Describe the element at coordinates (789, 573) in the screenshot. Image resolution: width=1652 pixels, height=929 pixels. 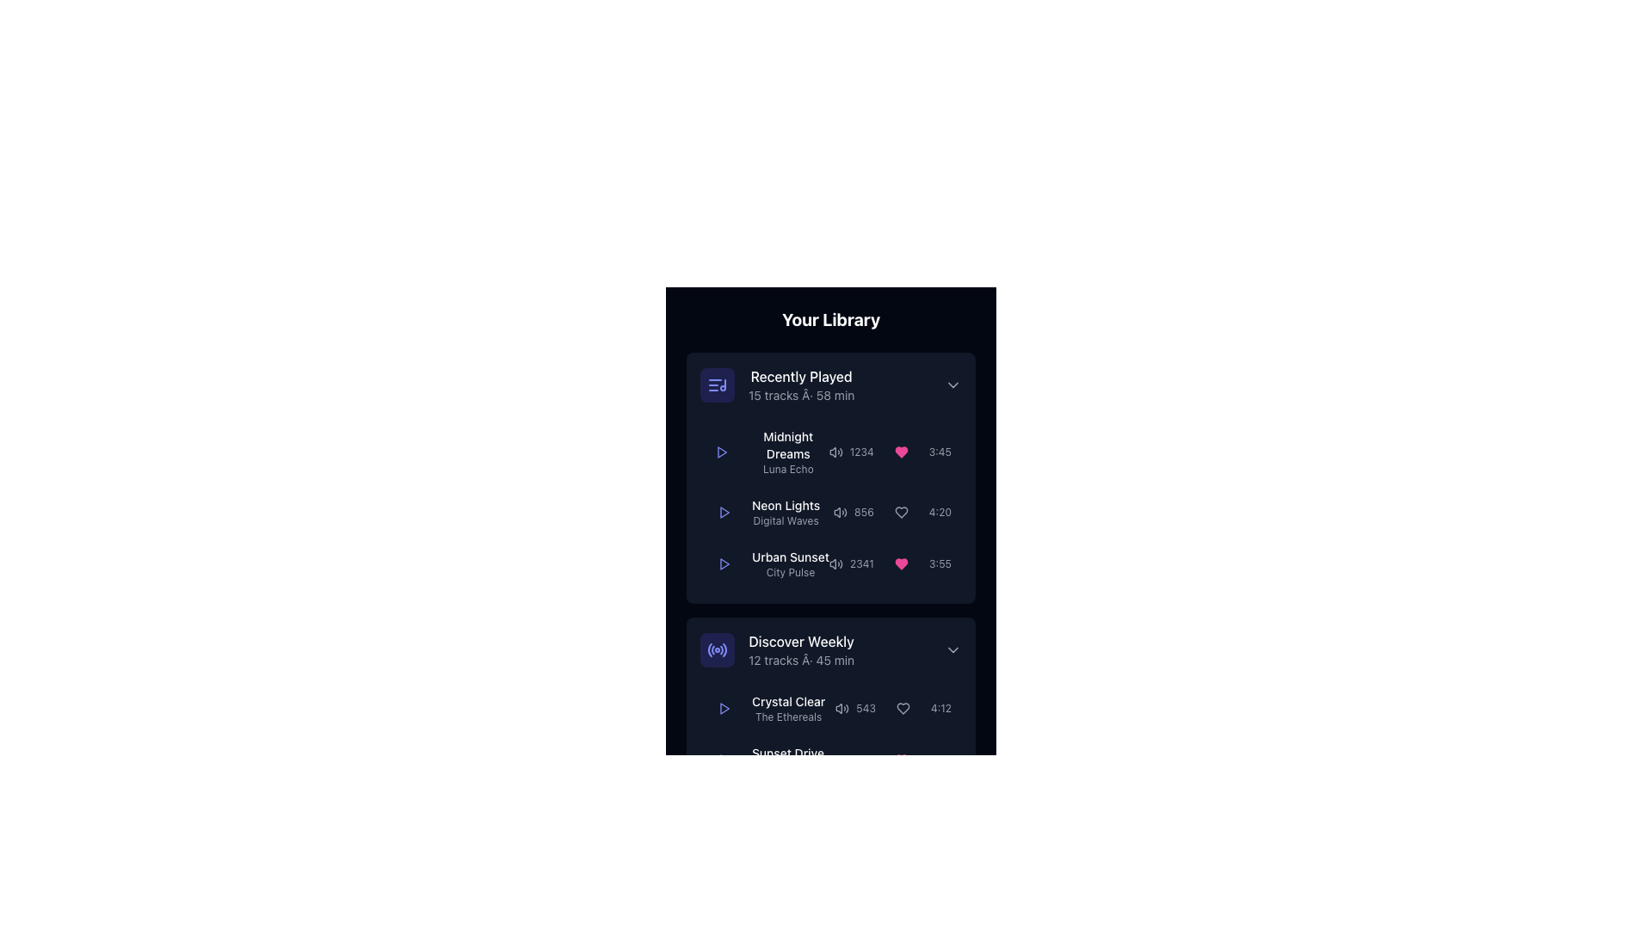
I see `the textual label element displaying 'City Pulse', which is positioned beneath 'Urban Sunset' in the 'Recently Played' section` at that location.